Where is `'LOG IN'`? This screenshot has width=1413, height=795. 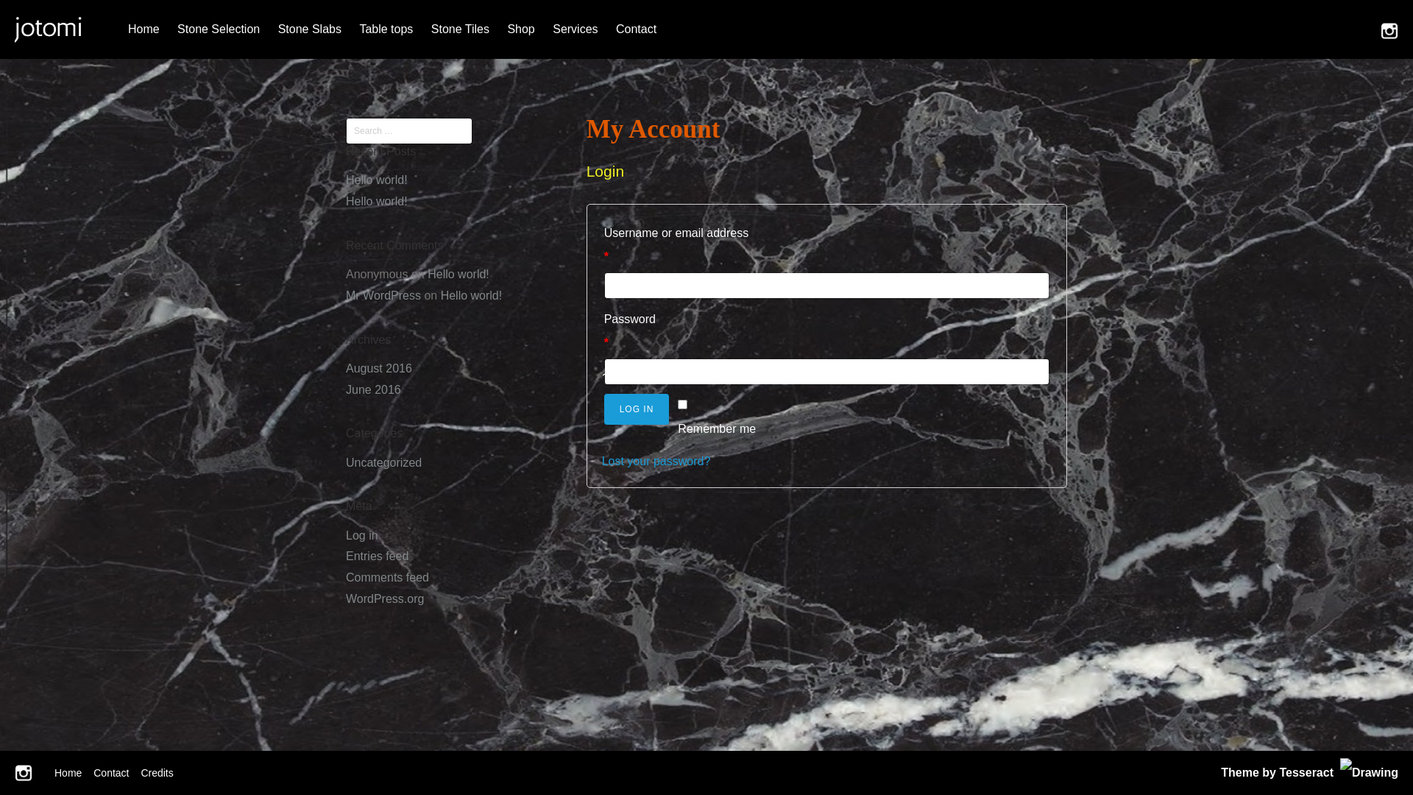 'LOG IN' is located at coordinates (637, 409).